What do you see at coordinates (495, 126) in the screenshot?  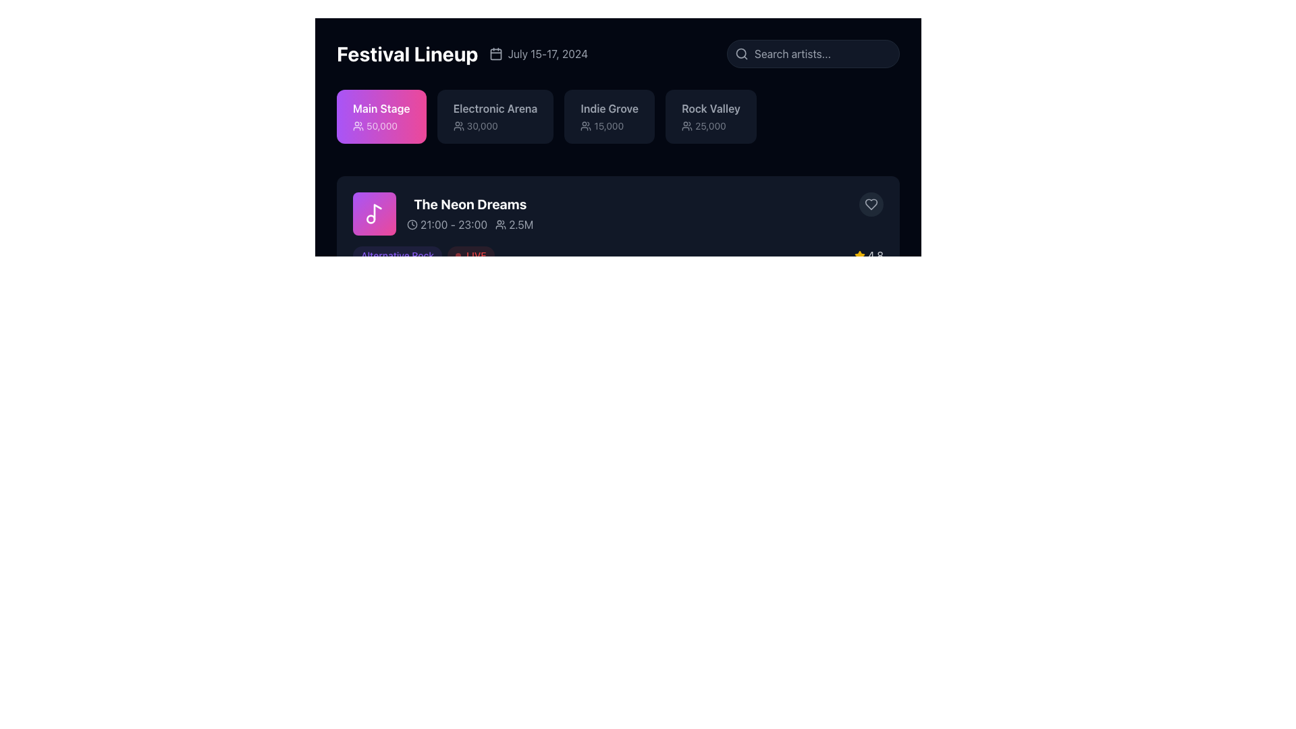 I see `the Text Label with Icon displaying '30,000', located under the 'Electronic Arena' label in the horizontally-aligned list` at bounding box center [495, 126].